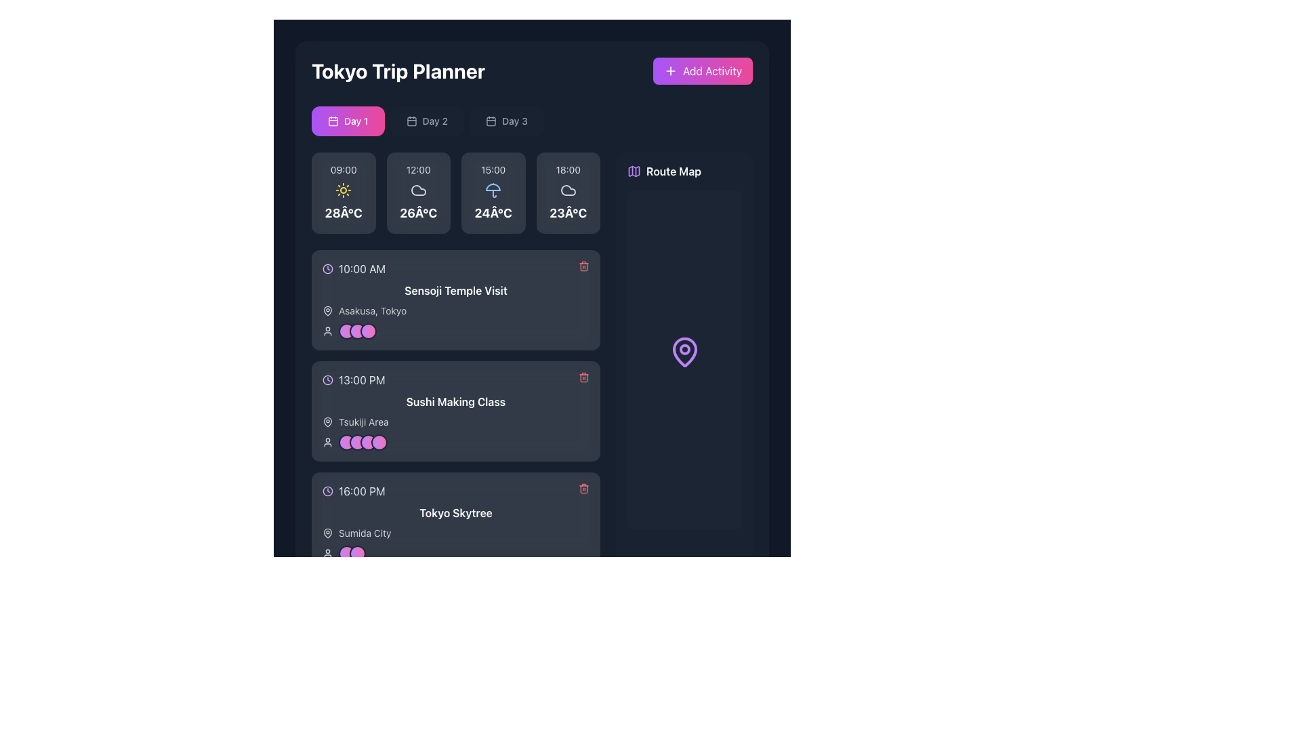 The height and width of the screenshot is (732, 1301). Describe the element at coordinates (373, 311) in the screenshot. I see `attention on the adjacent interactive elements of the text label displaying 'Asakusa, Tokyo' in the Sensoji Temple Visit section by moving the cursor over the map pin icon to the left of it` at that location.